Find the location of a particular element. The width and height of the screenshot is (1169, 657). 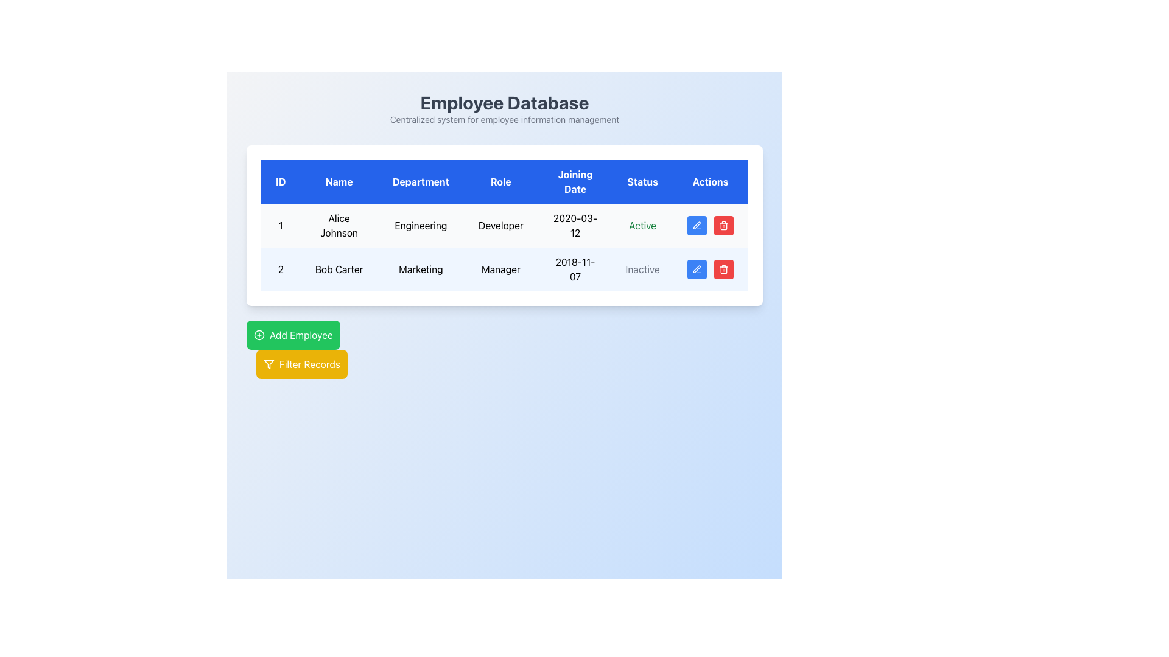

the pen-shaped icon button located in the 'Actions' column of the second row to initiate editing functionality is located at coordinates (697, 225).